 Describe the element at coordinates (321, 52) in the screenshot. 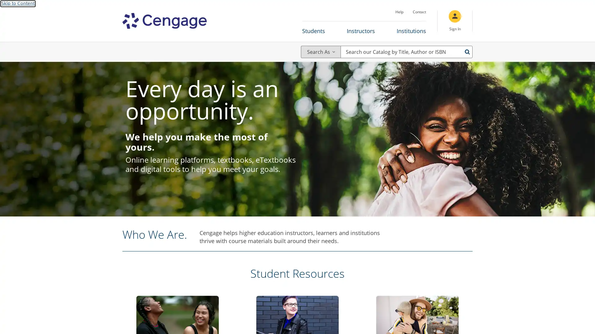

I see `Search As` at that location.